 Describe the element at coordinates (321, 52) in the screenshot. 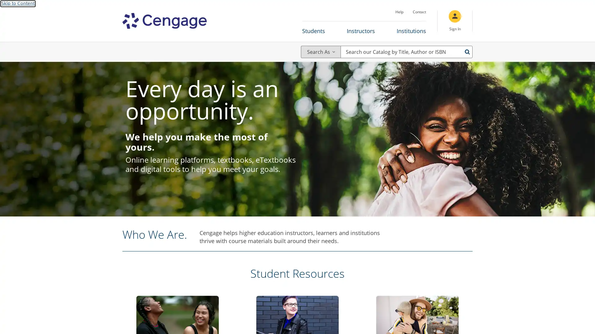

I see `Search As` at that location.